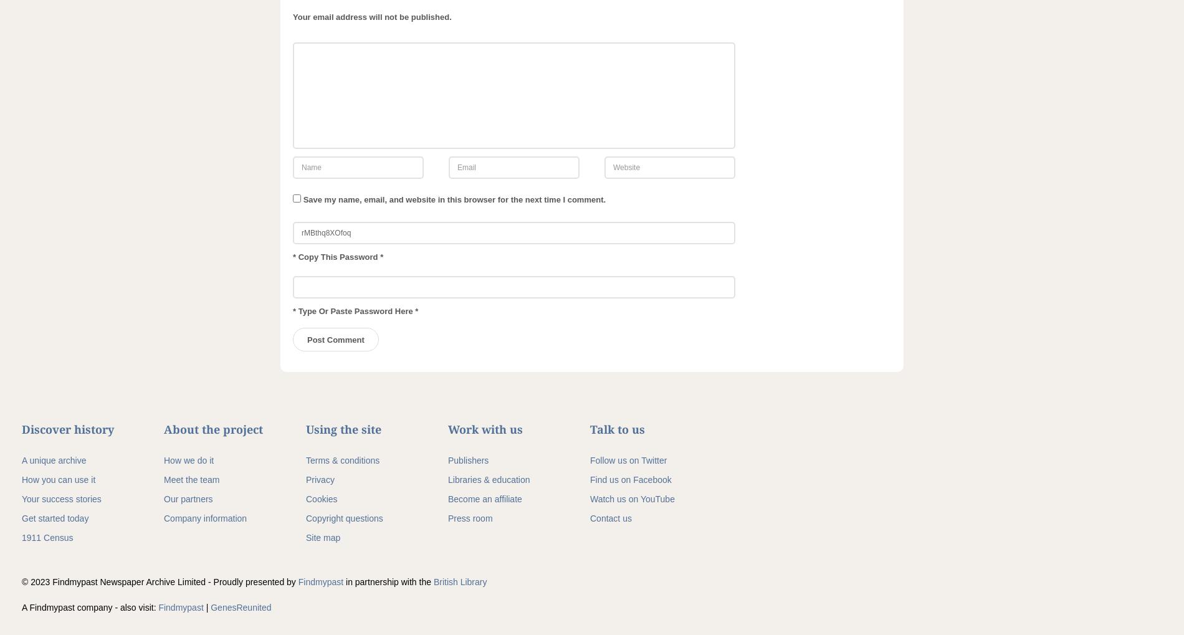 The width and height of the screenshot is (1184, 635). I want to click on 'Site map', so click(305, 536).